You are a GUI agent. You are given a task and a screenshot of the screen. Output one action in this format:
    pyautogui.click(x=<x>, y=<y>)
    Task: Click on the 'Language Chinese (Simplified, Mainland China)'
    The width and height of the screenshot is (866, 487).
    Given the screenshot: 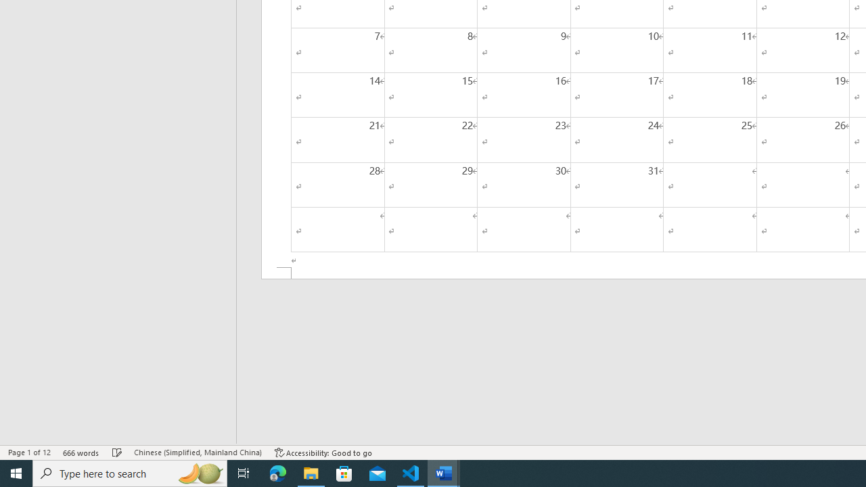 What is the action you would take?
    pyautogui.click(x=197, y=453)
    